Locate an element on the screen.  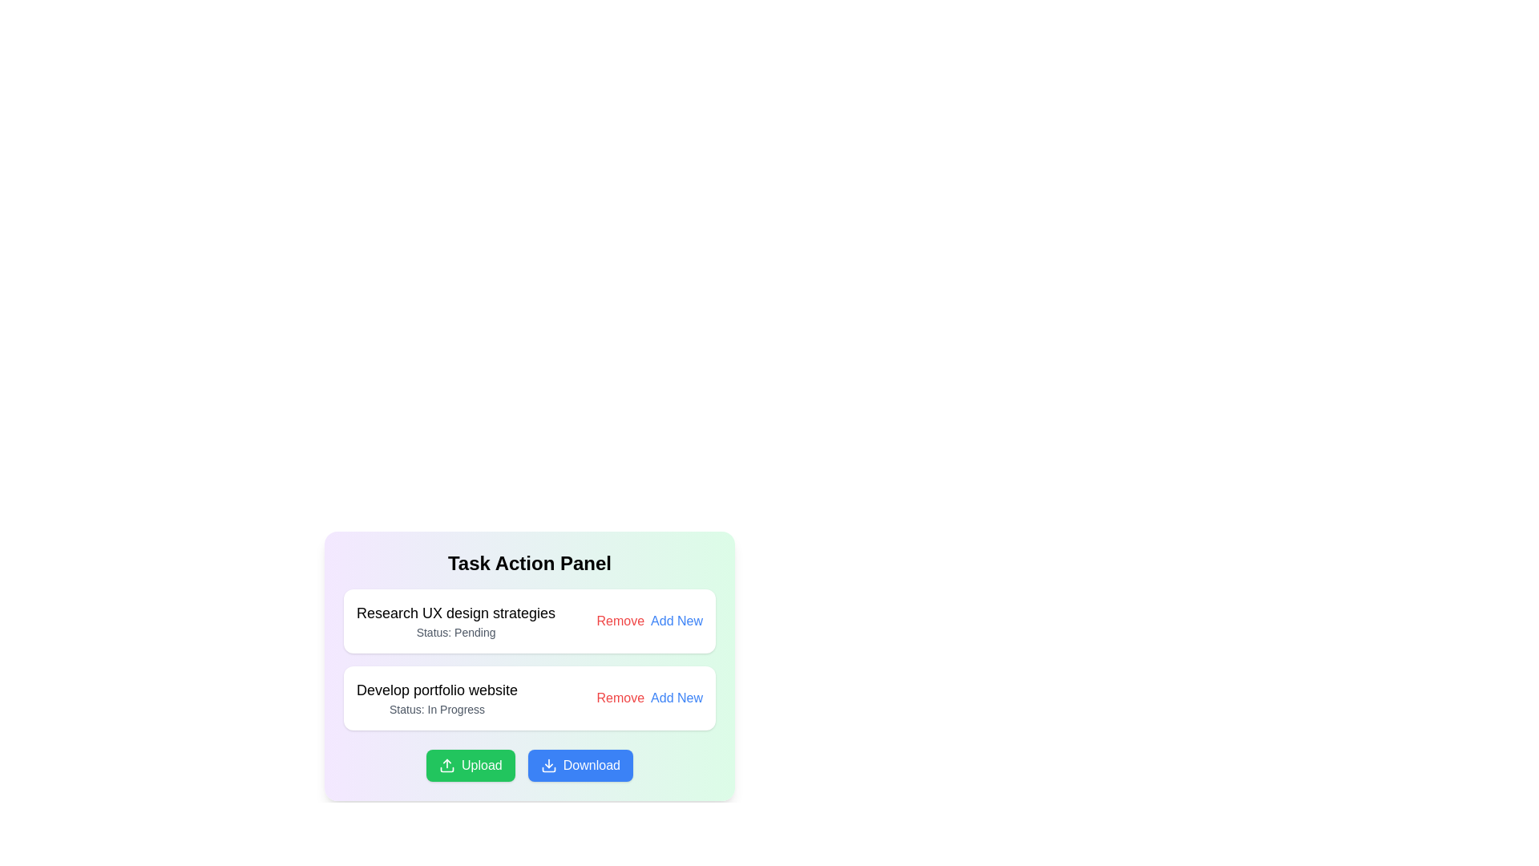
the 'Remove' and 'Add New' buttons in the Interactive button group, which are styled with red and blue colors respectively, located in the 'Research UX design strategies' section is located at coordinates (649, 621).